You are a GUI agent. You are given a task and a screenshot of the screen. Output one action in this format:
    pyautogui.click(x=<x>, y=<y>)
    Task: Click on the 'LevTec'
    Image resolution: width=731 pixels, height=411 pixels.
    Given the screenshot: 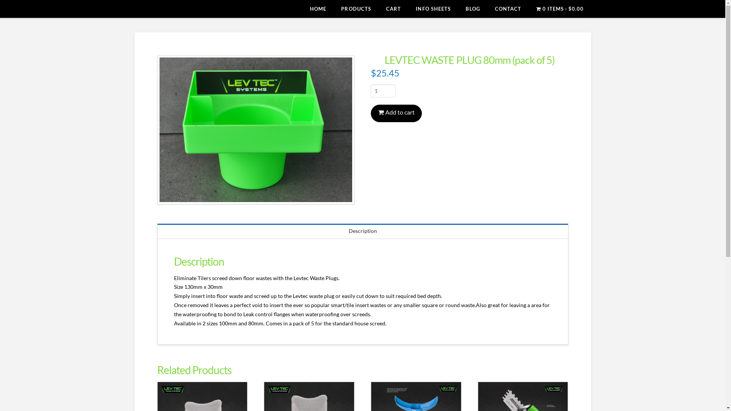 What is the action you would take?
    pyautogui.click(x=156, y=10)
    